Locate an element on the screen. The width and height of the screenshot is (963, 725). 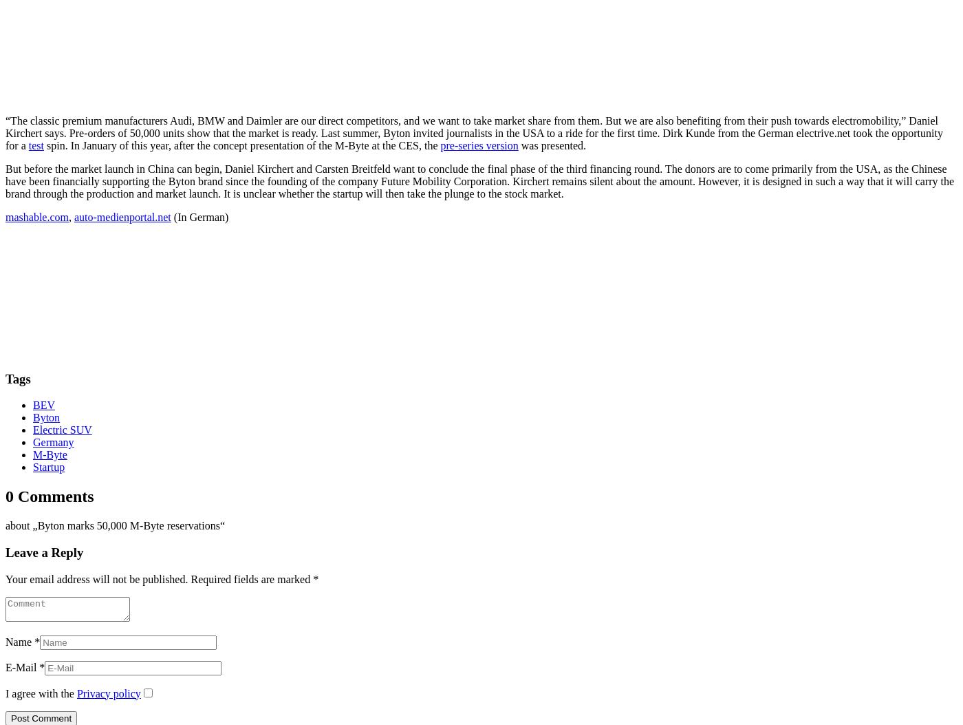
'Privacy policy' is located at coordinates (76, 692).